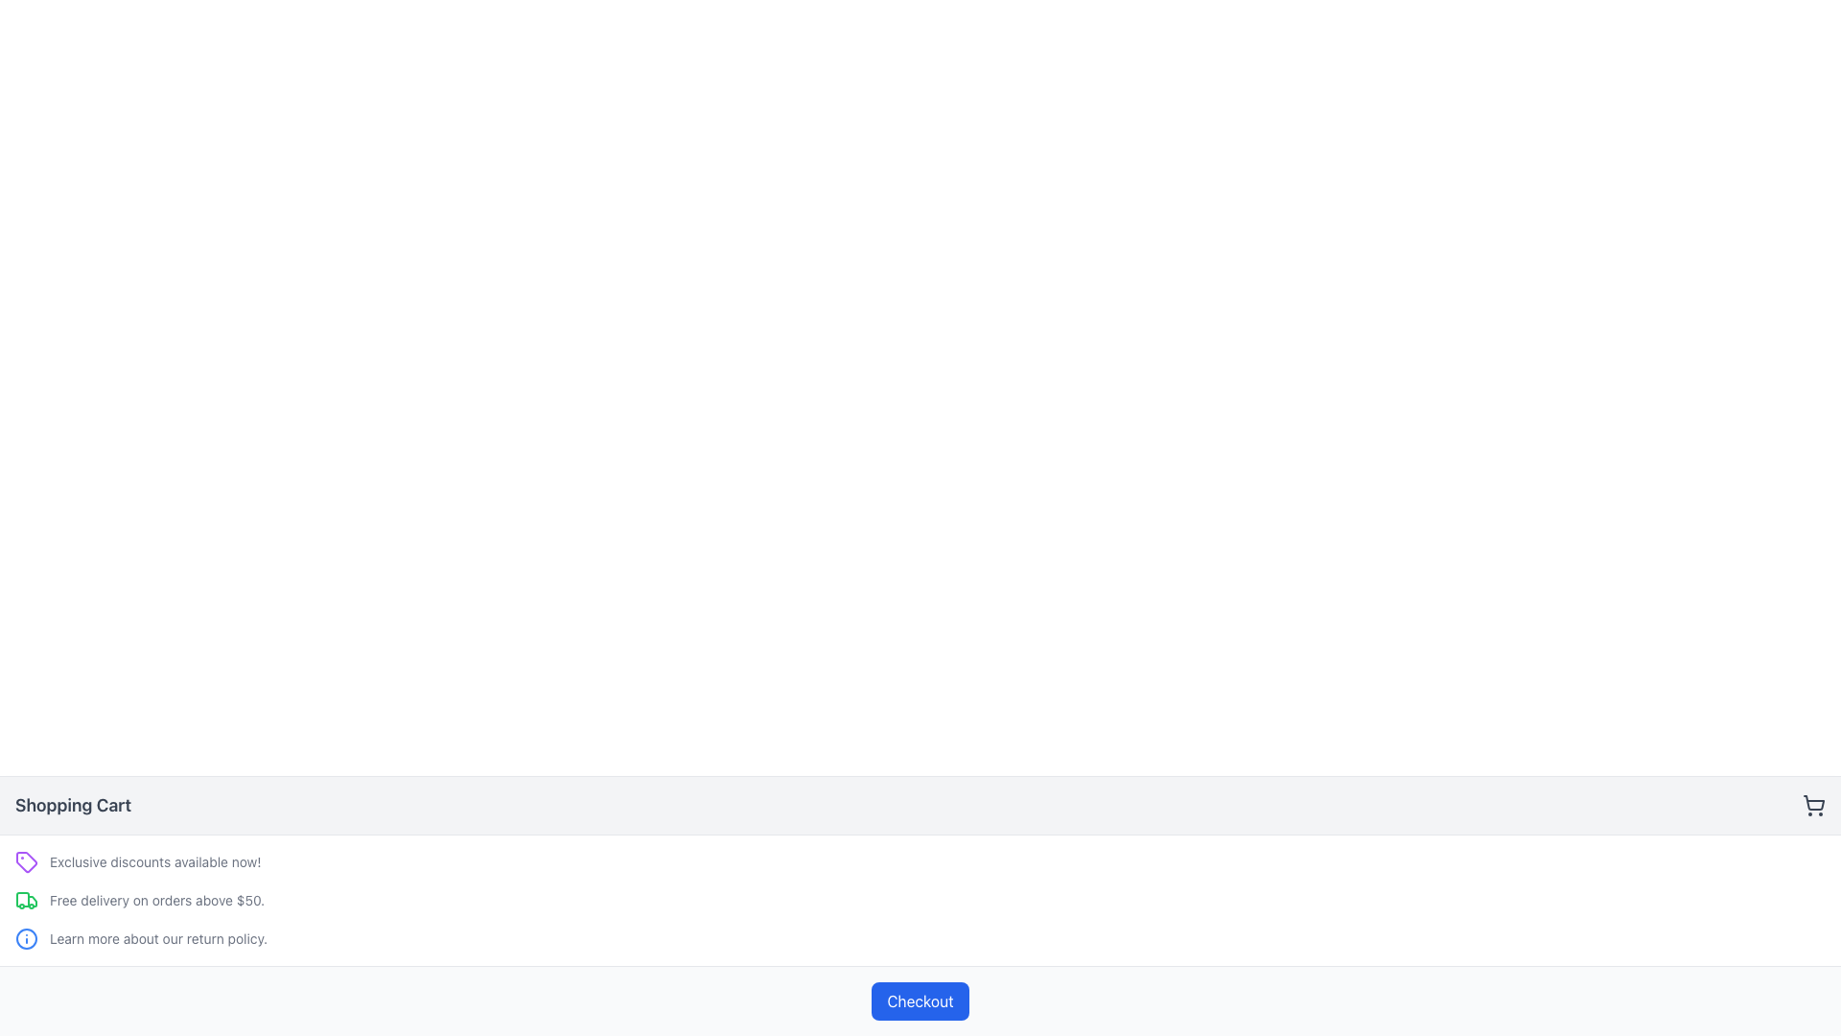  Describe the element at coordinates (73, 806) in the screenshot. I see `the shopping cart section title Text Label located at the top of the central section of the page` at that location.